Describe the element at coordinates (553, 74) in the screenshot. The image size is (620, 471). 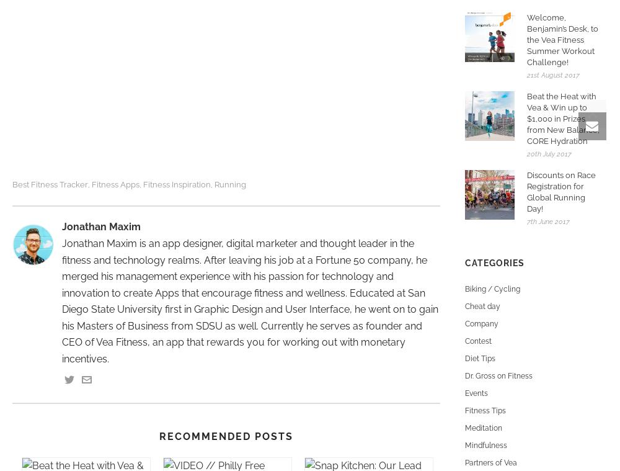
I see `'21st August 2017'` at that location.